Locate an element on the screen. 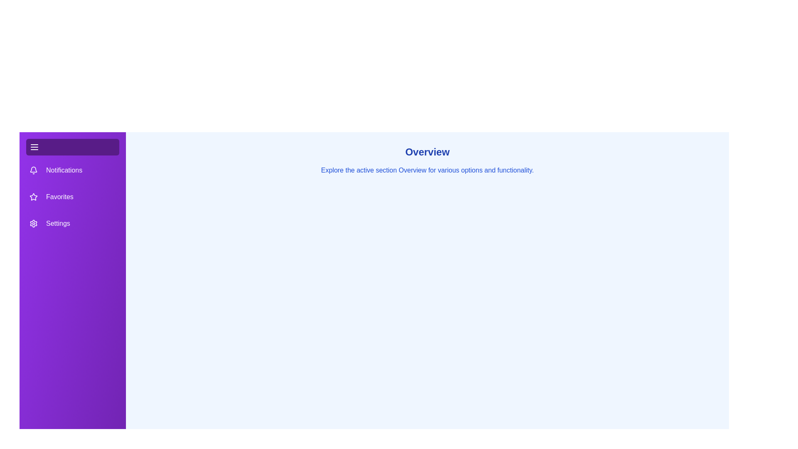 The width and height of the screenshot is (798, 449). the tab labeled Settings in the drawer is located at coordinates (72, 223).